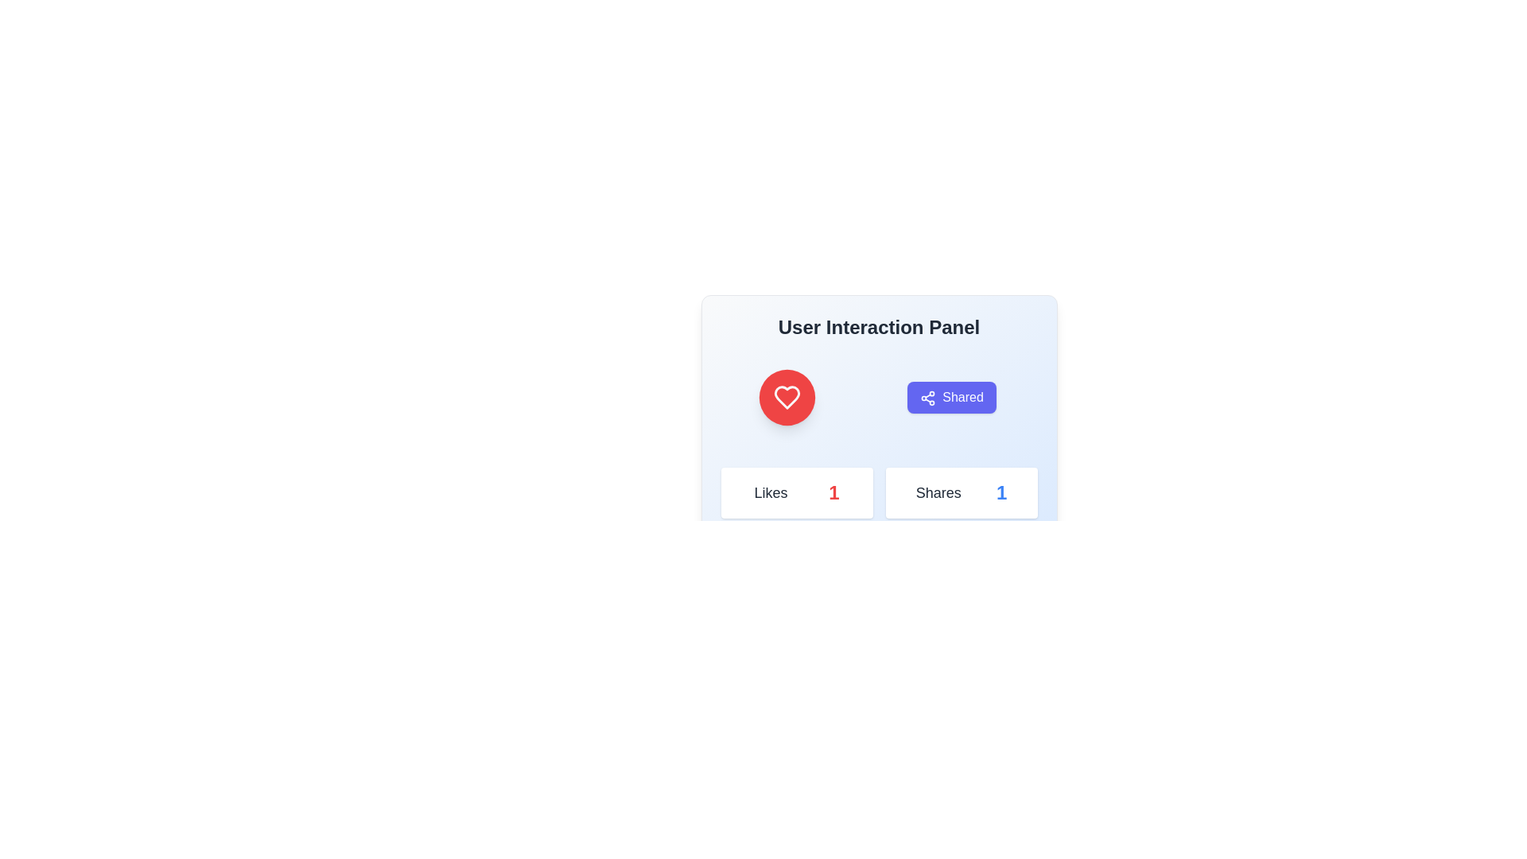 This screenshot has width=1527, height=859. What do you see at coordinates (787, 397) in the screenshot?
I see `the 'like' button located in the upper left area of the user interaction panel, adjacent to the blue 'Shared' button` at bounding box center [787, 397].